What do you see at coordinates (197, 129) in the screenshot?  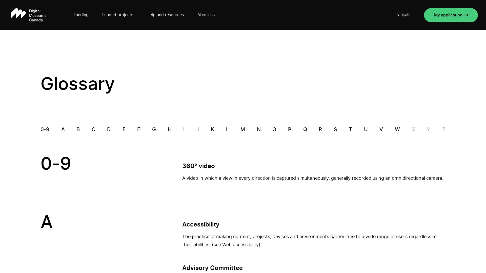 I see `J` at bounding box center [197, 129].